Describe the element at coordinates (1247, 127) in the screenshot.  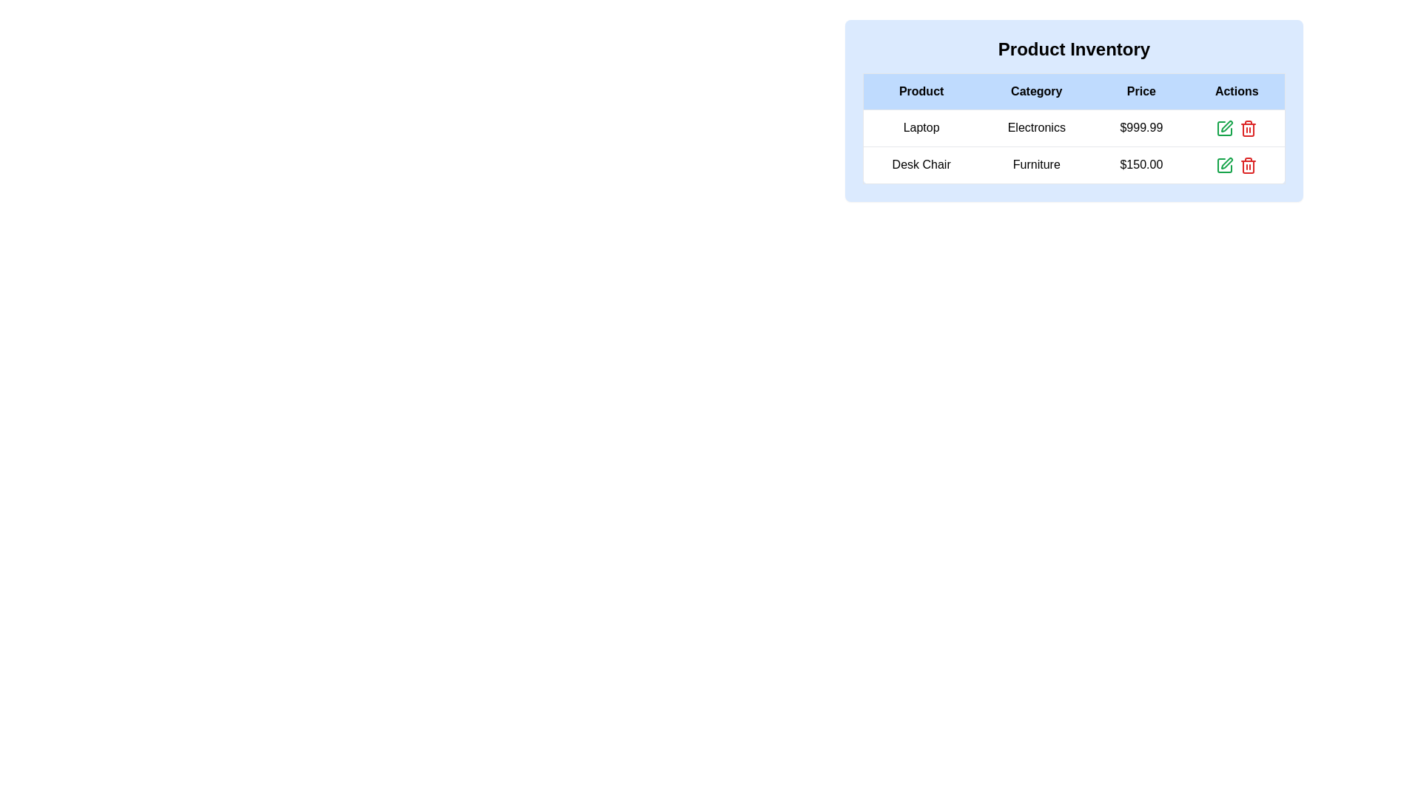
I see `the delete icon button in the 'Actions' column of the first row corresponding to the product labeled 'Laptop' to initiate the delete action` at that location.